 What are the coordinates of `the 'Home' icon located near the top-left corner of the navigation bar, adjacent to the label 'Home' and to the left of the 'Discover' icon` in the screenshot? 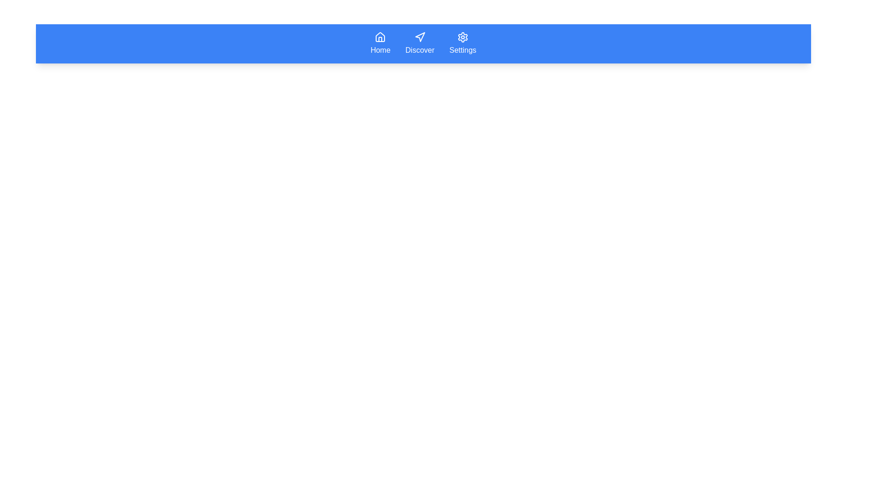 It's located at (380, 36).